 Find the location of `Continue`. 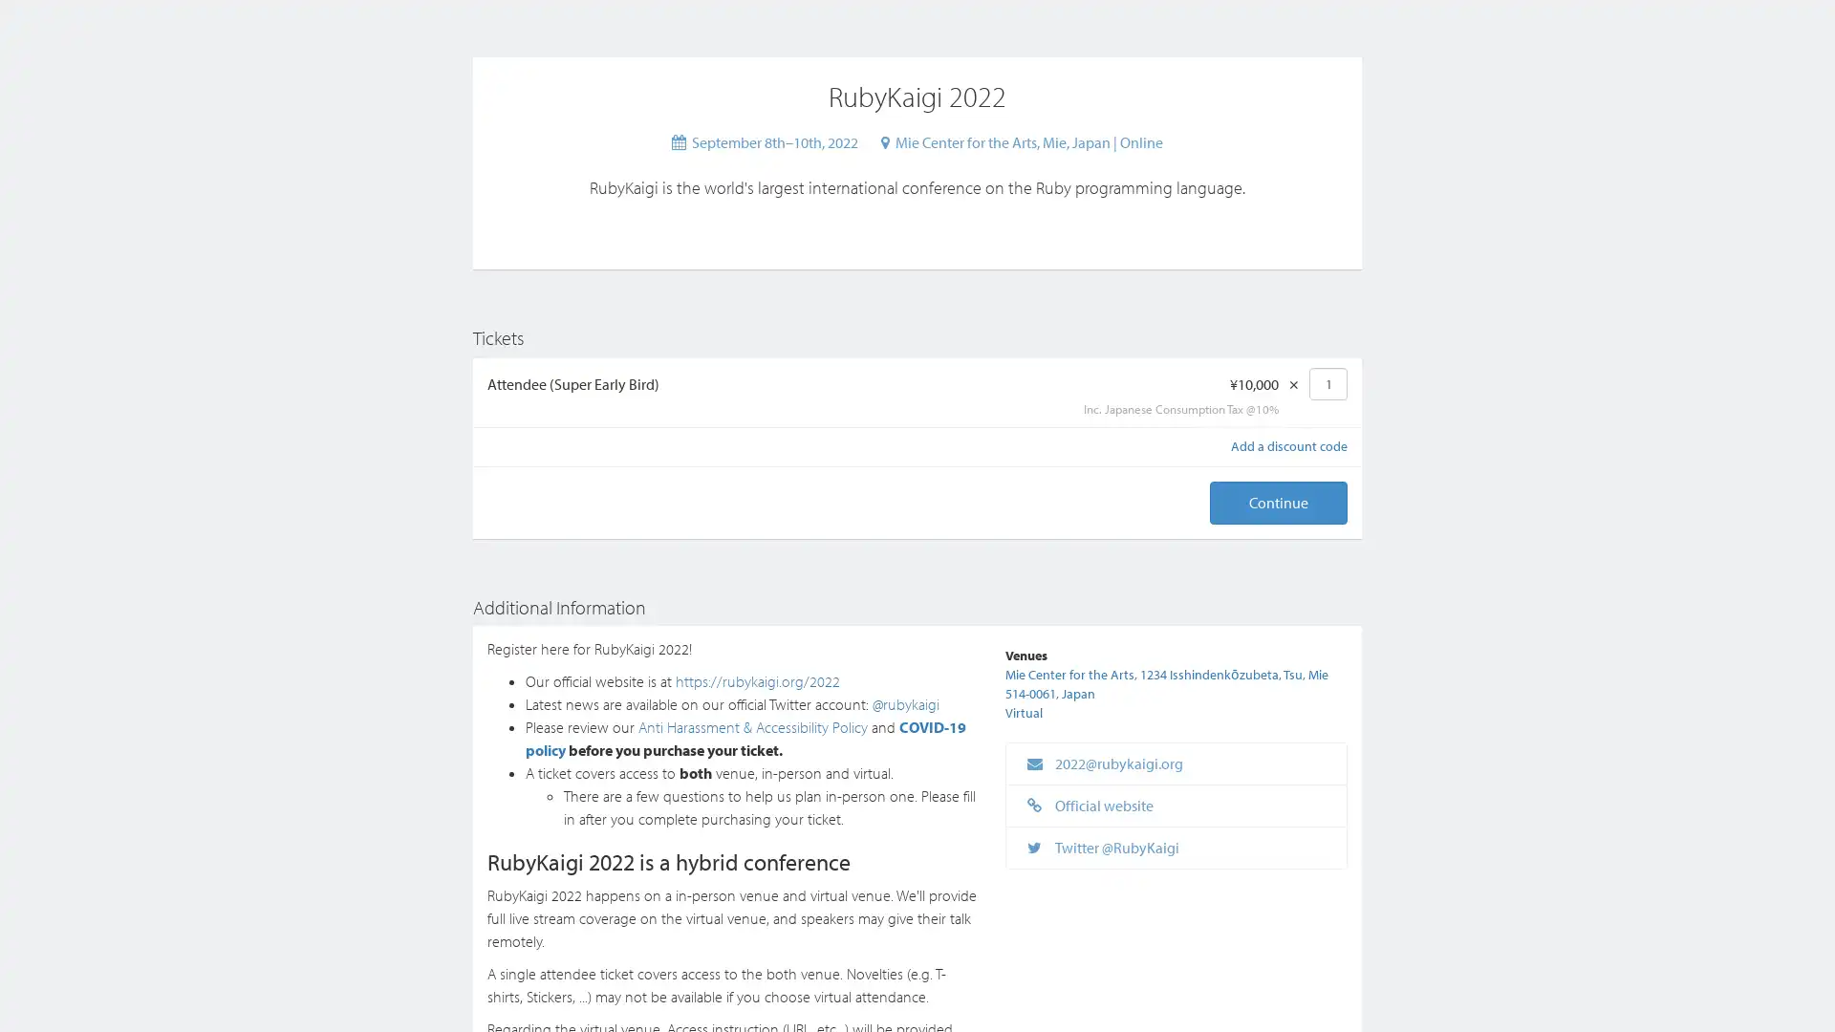

Continue is located at coordinates (1279, 502).